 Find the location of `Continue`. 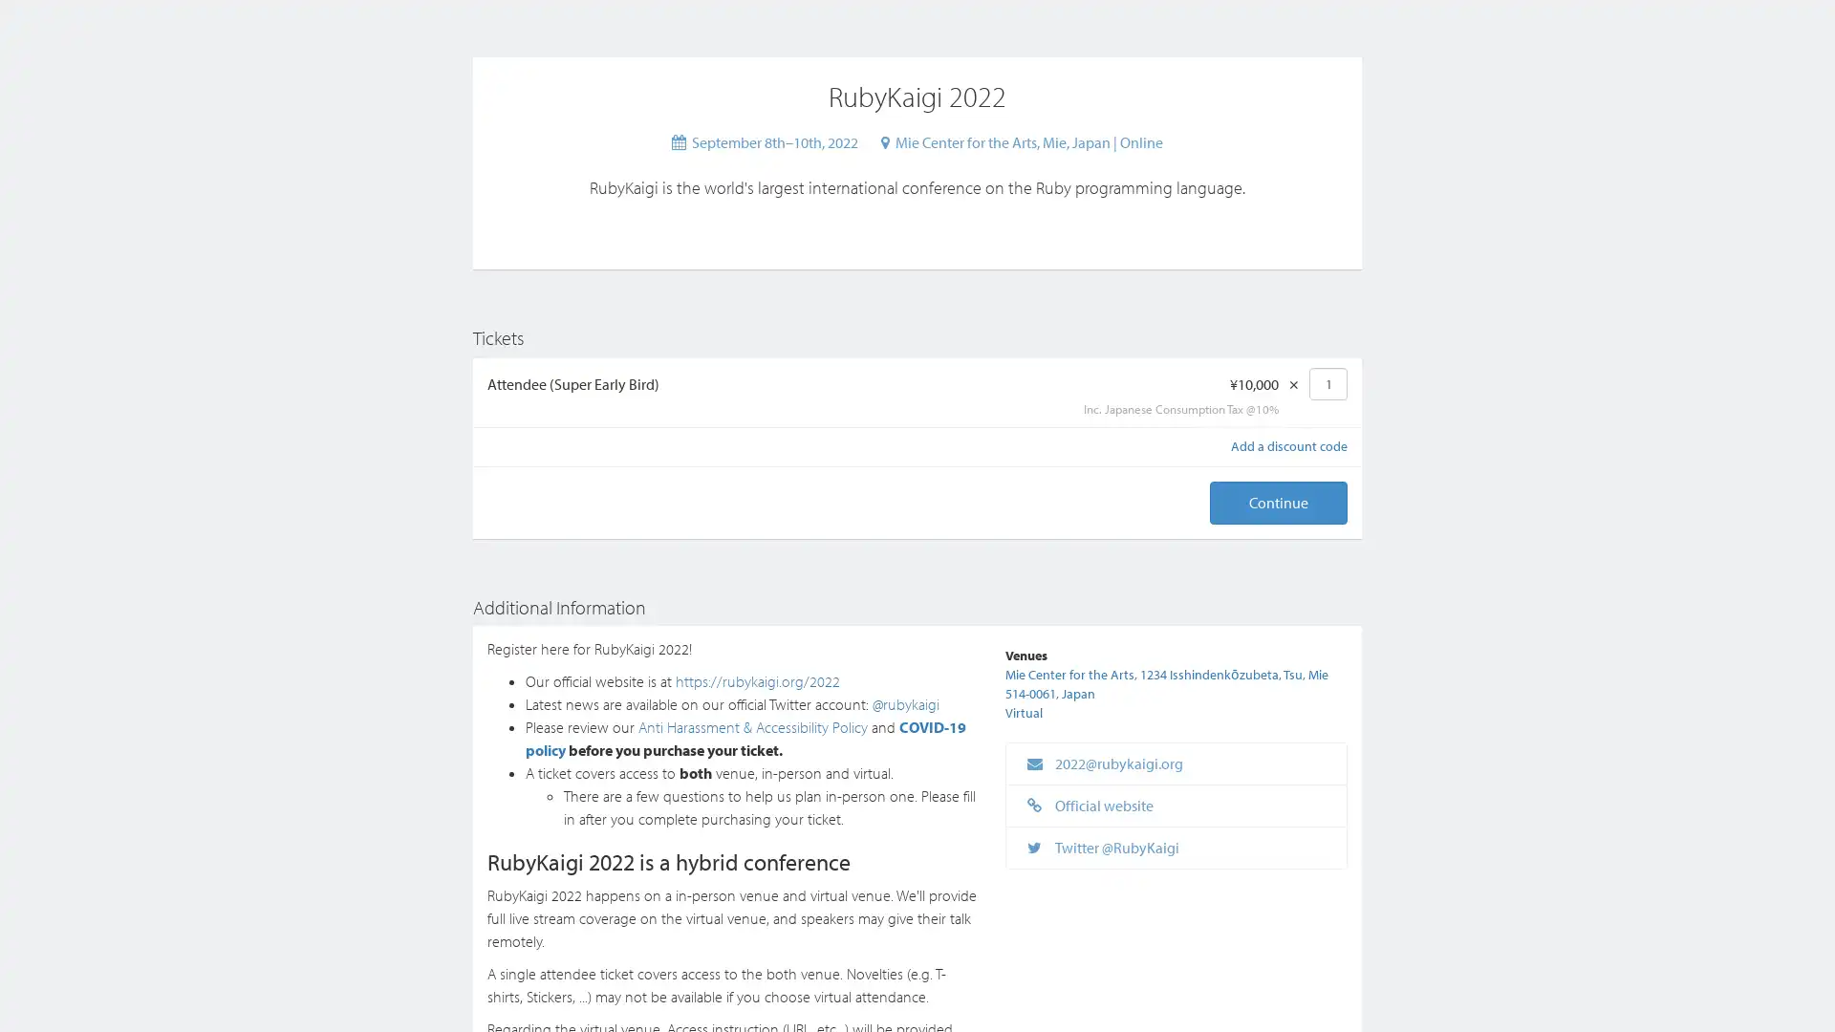

Continue is located at coordinates (1279, 502).